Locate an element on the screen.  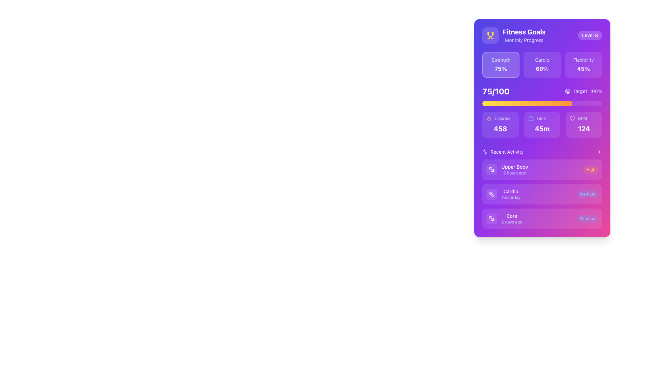
the Text Label displaying '45%' on a purple background, located in the 'Flexibility' section of the statistics area is located at coordinates (583, 68).